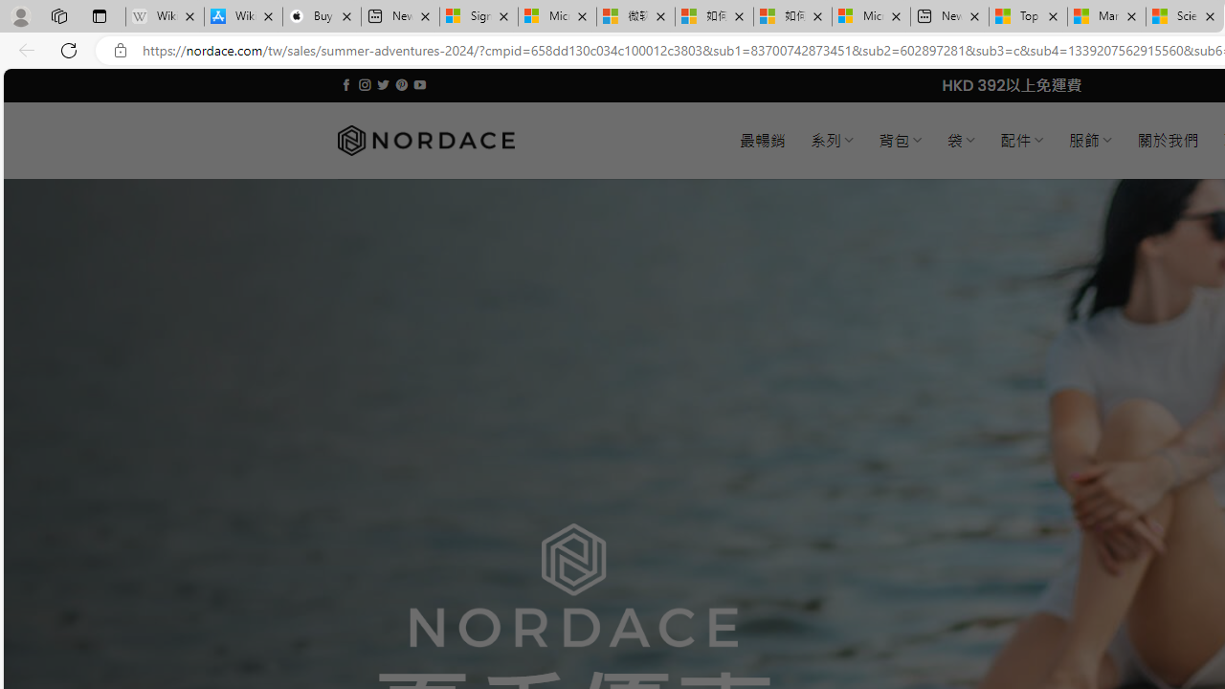 The height and width of the screenshot is (689, 1225). I want to click on 'Marine life - MSN', so click(1106, 16).